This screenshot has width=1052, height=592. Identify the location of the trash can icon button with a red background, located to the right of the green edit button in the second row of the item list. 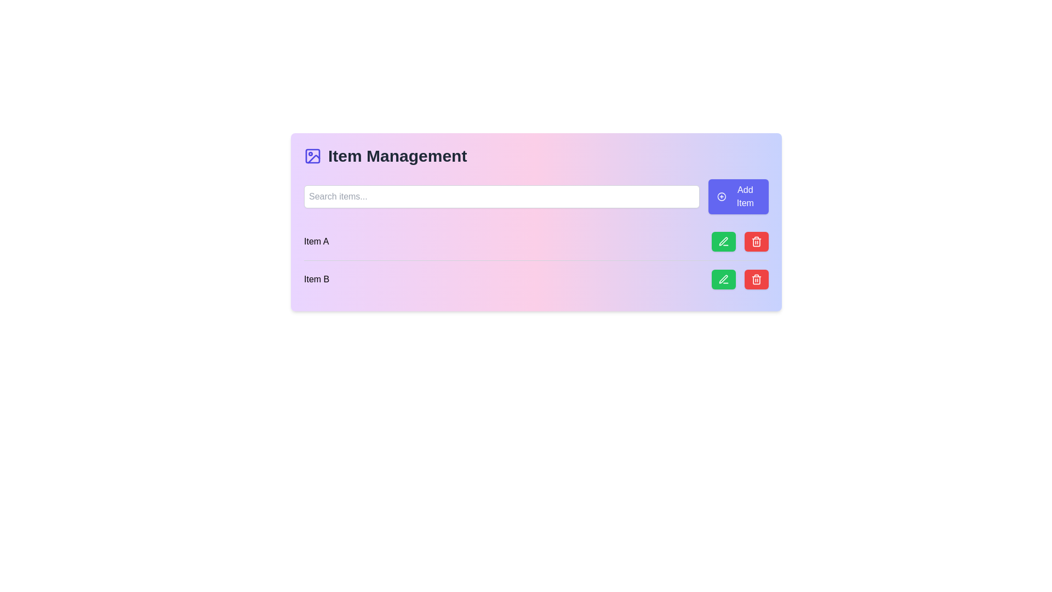
(756, 278).